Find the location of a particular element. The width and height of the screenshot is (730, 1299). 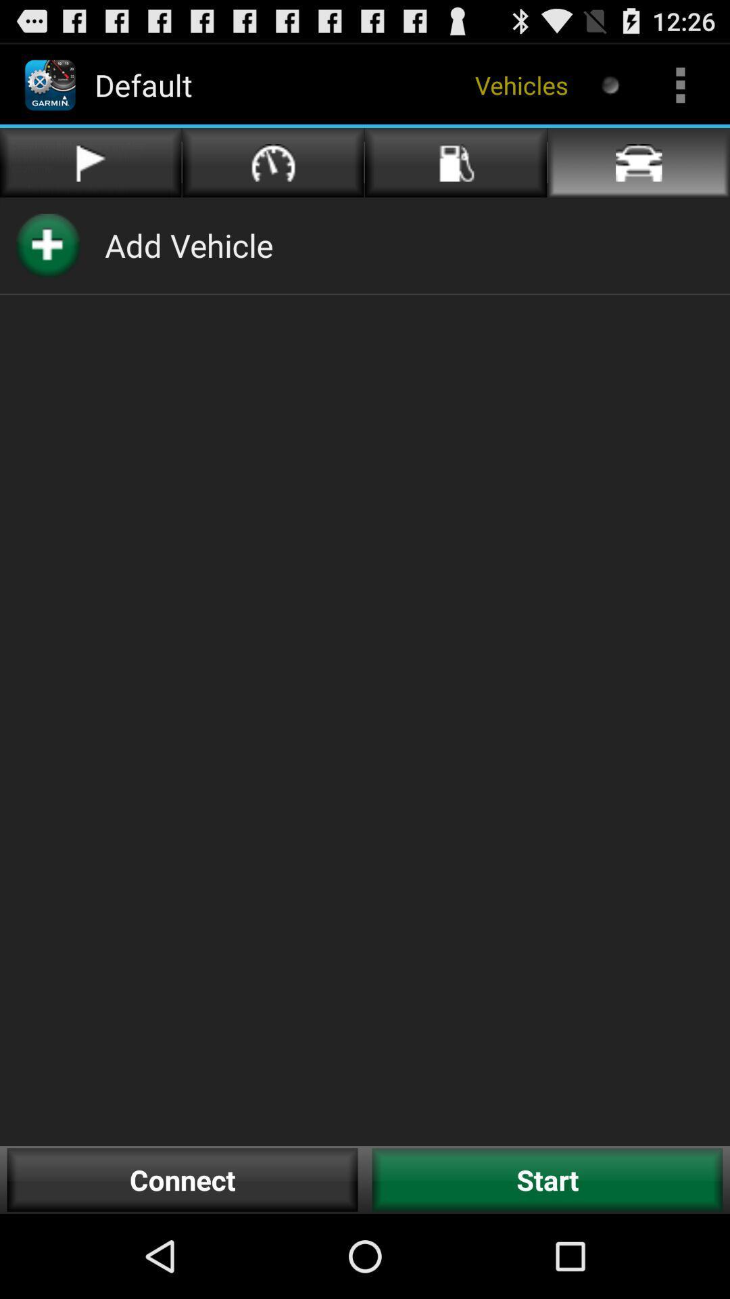

connect is located at coordinates (182, 1179).